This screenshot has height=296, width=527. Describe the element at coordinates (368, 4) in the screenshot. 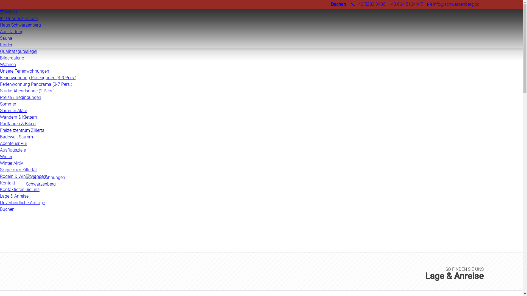

I see `'+43 5283 3406'` at that location.